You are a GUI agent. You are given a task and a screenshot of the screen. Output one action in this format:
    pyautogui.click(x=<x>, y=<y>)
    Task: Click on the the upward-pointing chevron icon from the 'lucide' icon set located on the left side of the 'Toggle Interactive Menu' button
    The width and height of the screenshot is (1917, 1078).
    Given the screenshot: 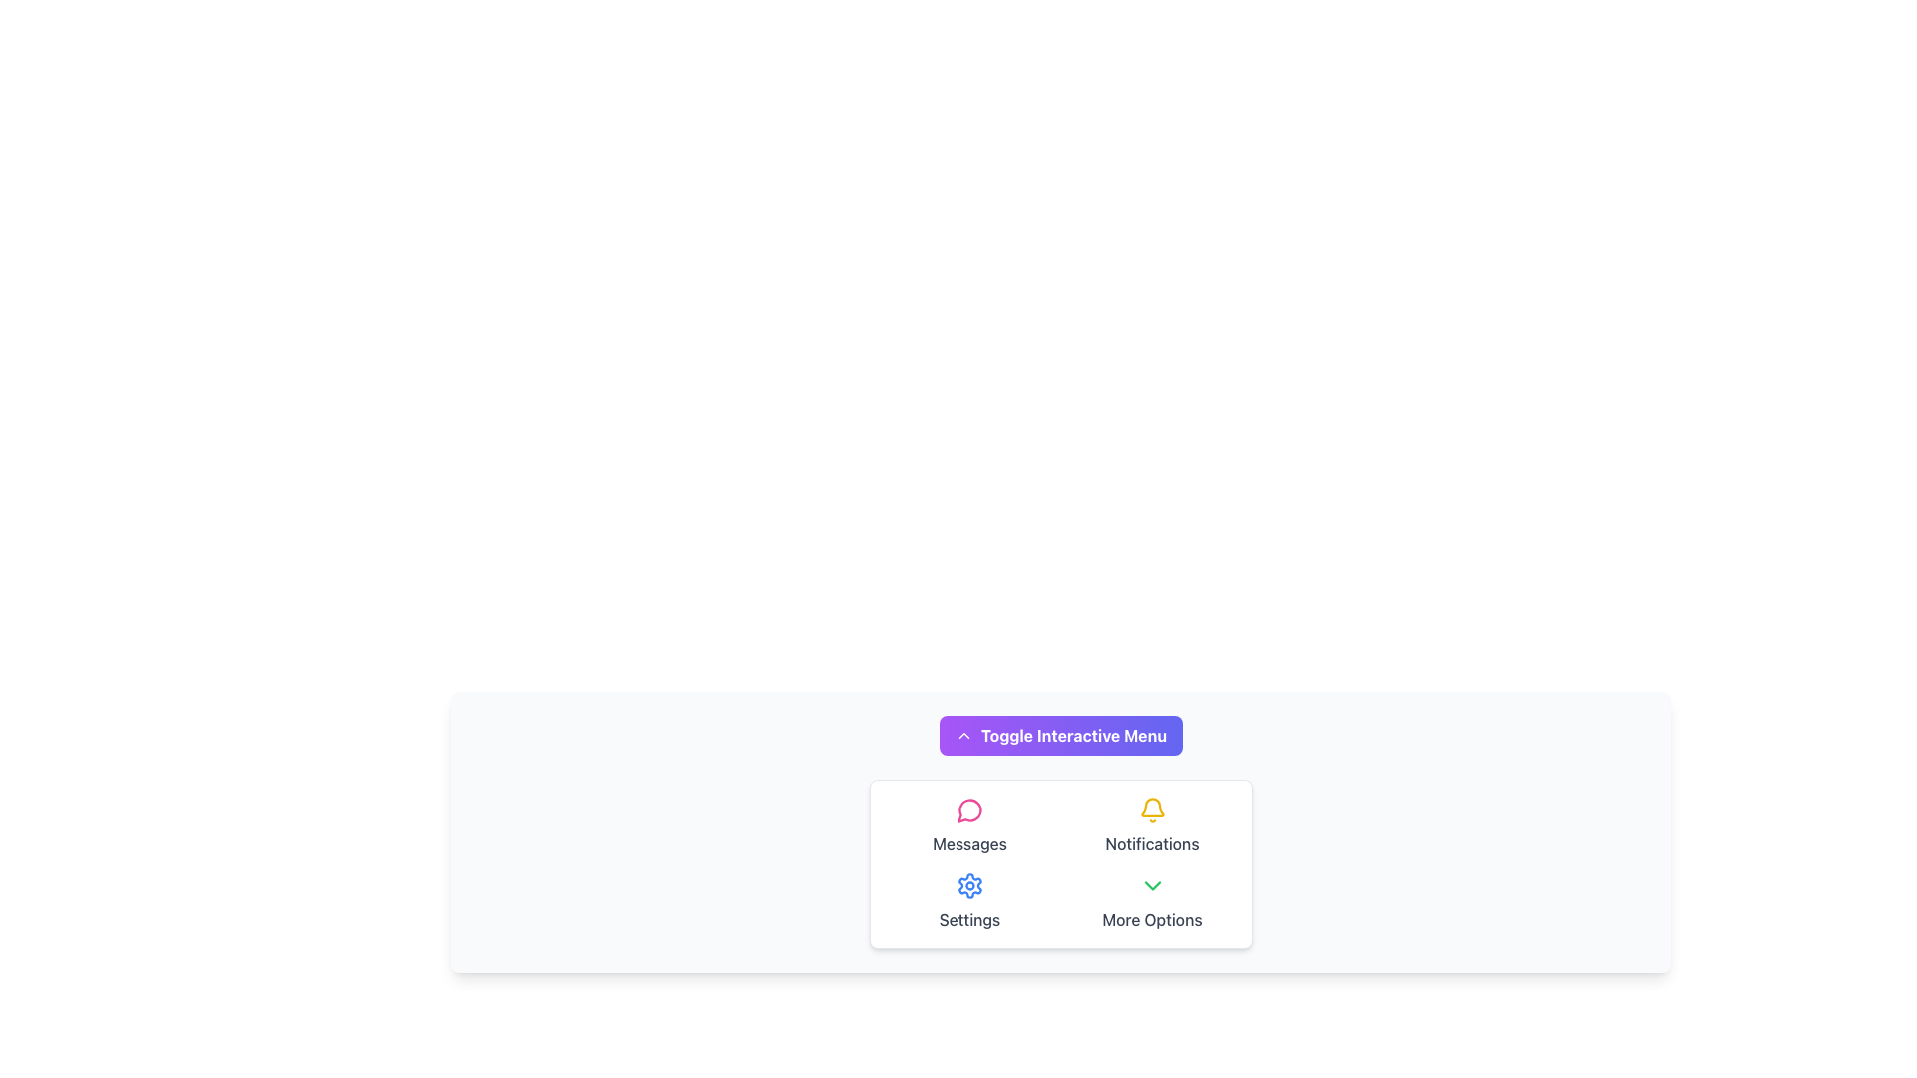 What is the action you would take?
    pyautogui.click(x=963, y=735)
    